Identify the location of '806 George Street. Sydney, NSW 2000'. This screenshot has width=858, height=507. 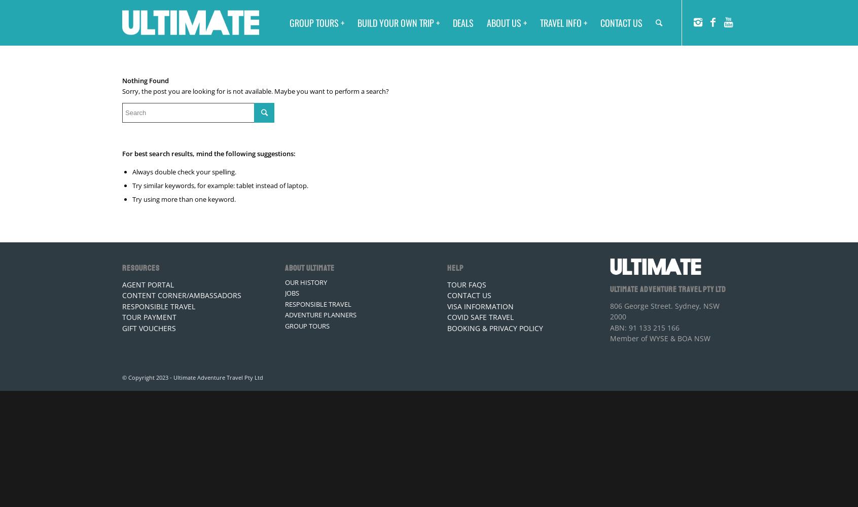
(663, 310).